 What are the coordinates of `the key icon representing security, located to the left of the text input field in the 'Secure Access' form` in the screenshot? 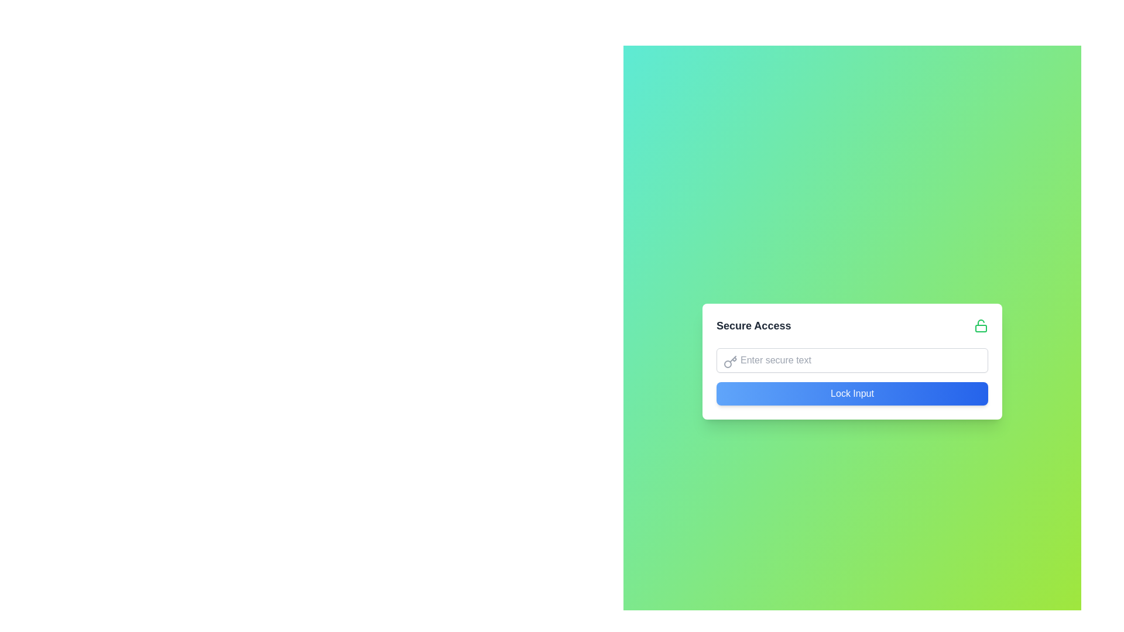 It's located at (730, 361).